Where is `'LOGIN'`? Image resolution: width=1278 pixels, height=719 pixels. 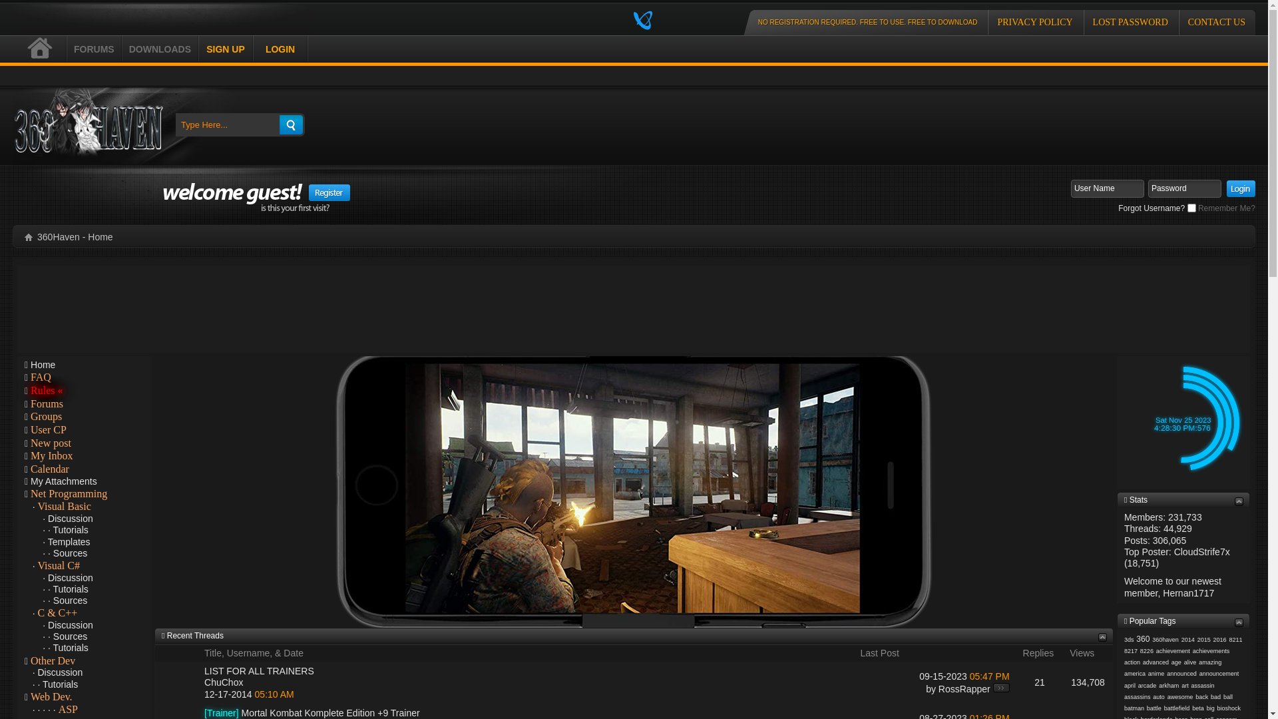
'LOGIN' is located at coordinates (253, 48).